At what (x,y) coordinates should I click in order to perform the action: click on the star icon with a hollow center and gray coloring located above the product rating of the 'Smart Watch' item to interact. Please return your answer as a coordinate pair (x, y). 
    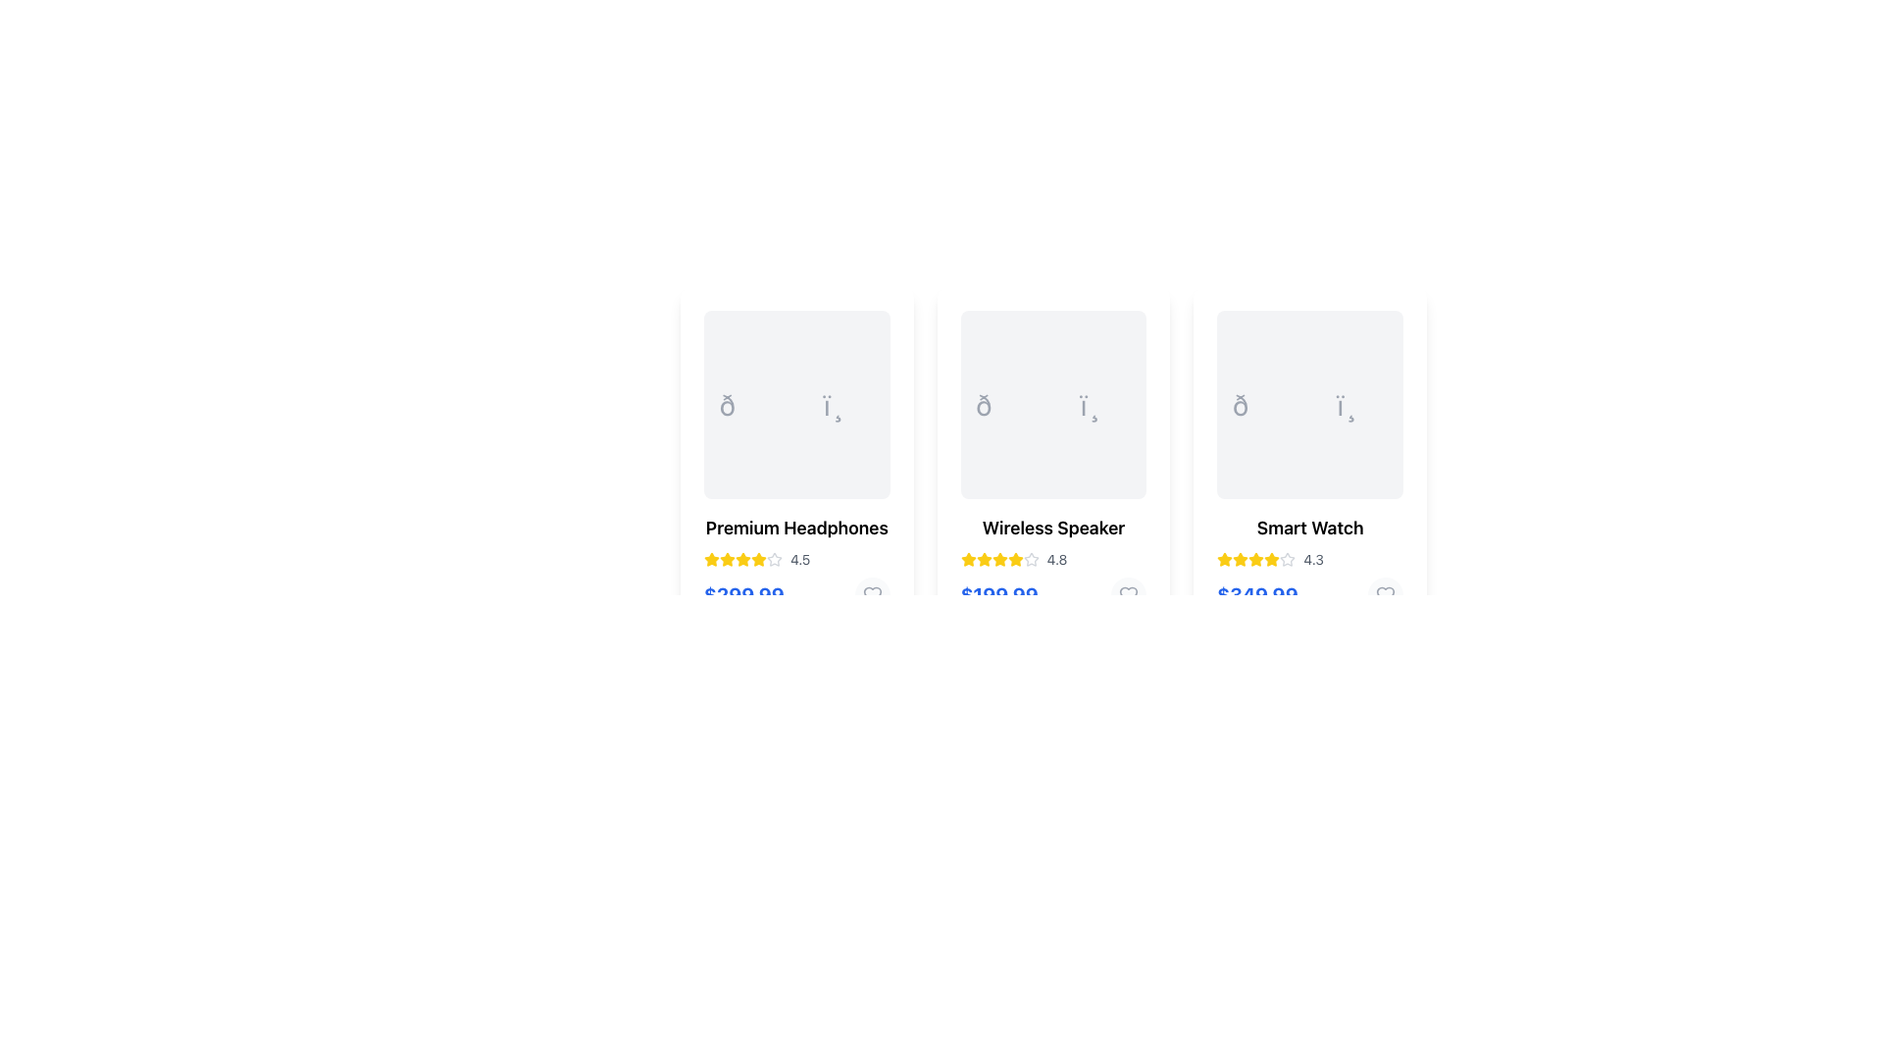
    Looking at the image, I should click on (1288, 559).